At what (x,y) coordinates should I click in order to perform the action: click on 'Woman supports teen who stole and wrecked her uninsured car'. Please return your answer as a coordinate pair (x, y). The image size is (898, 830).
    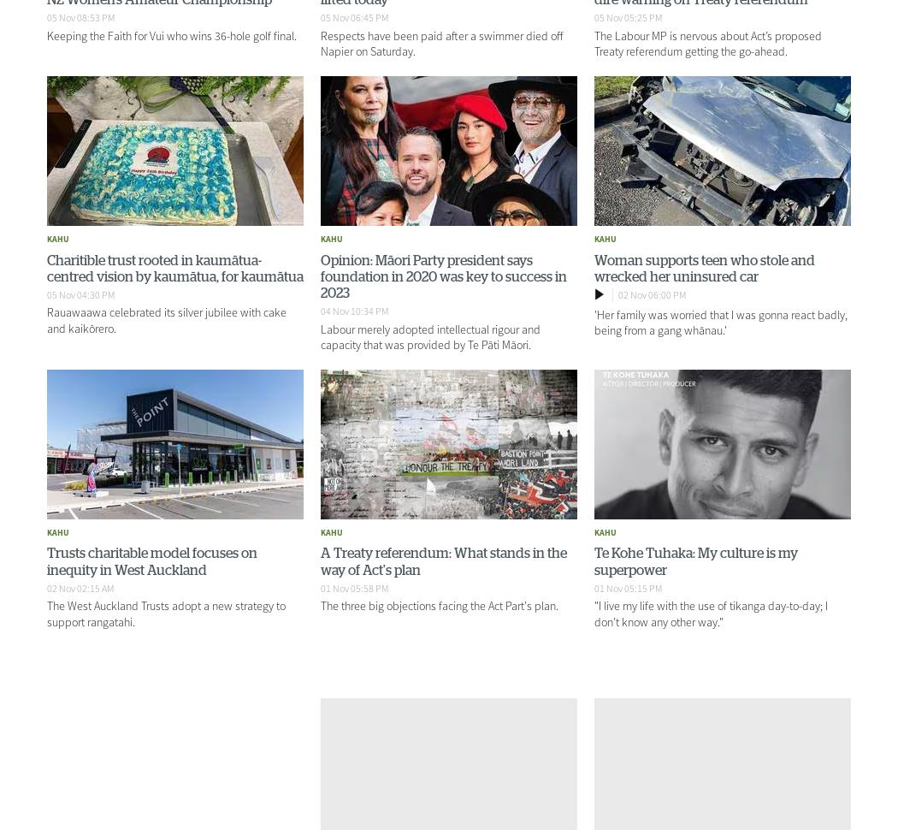
    Looking at the image, I should click on (702, 268).